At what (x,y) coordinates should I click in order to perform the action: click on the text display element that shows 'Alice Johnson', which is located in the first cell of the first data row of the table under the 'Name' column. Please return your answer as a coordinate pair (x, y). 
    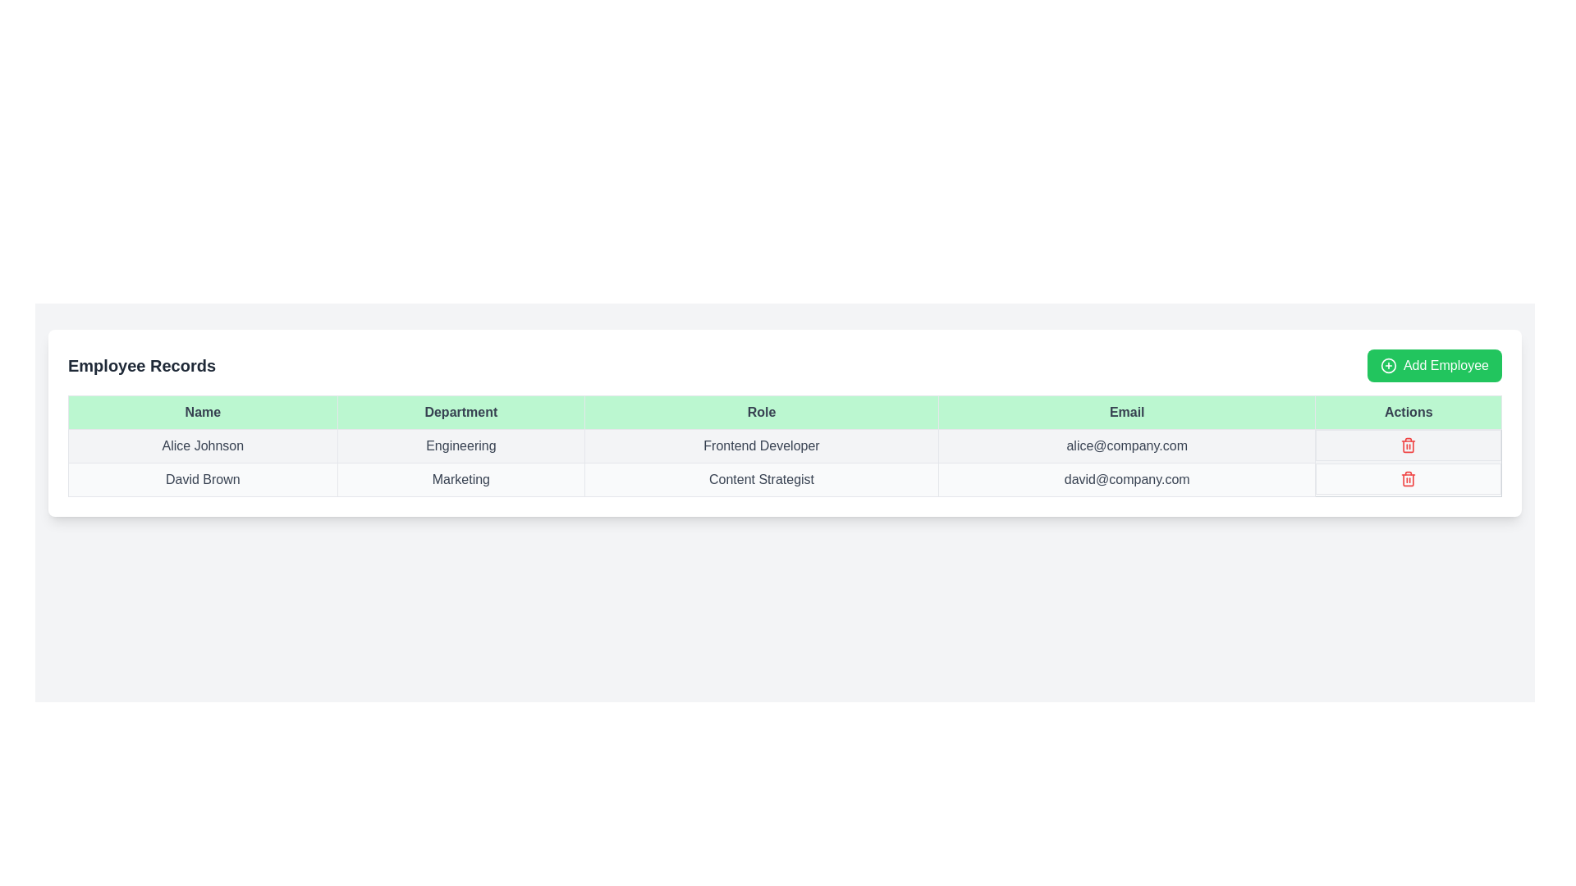
    Looking at the image, I should click on (202, 445).